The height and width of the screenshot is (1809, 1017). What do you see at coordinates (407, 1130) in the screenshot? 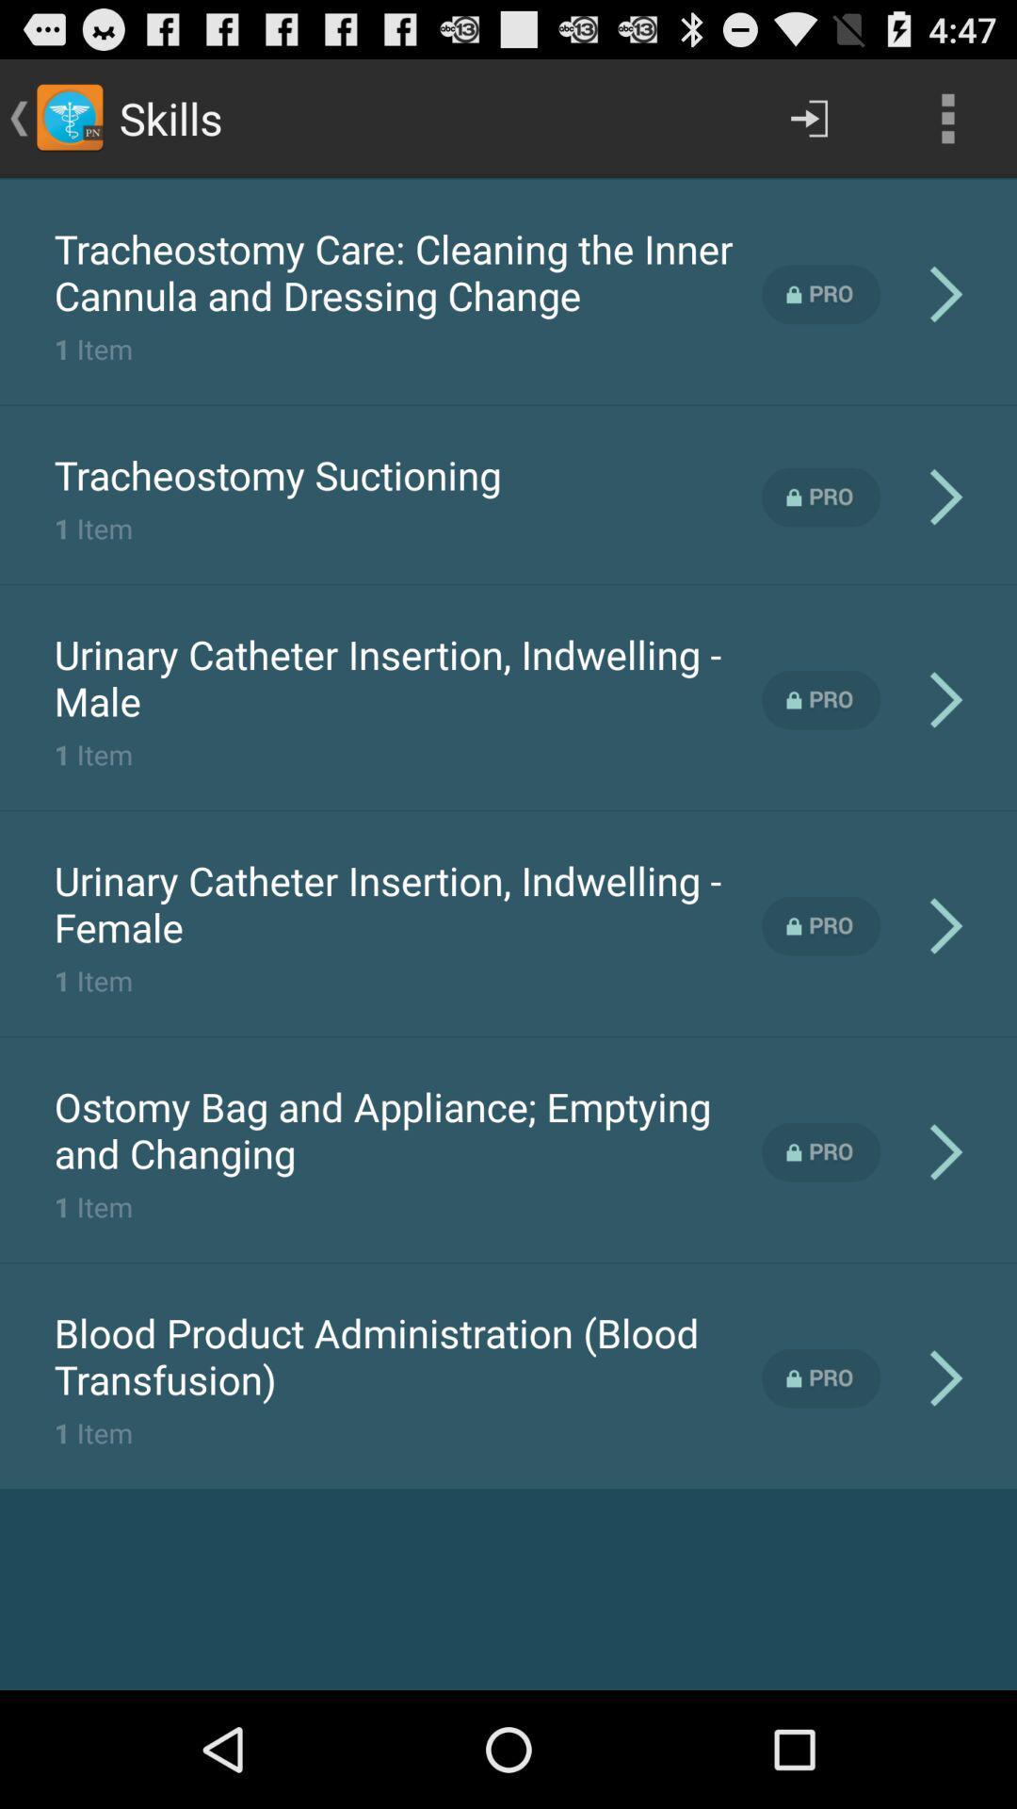
I see `app below 1 item app` at bounding box center [407, 1130].